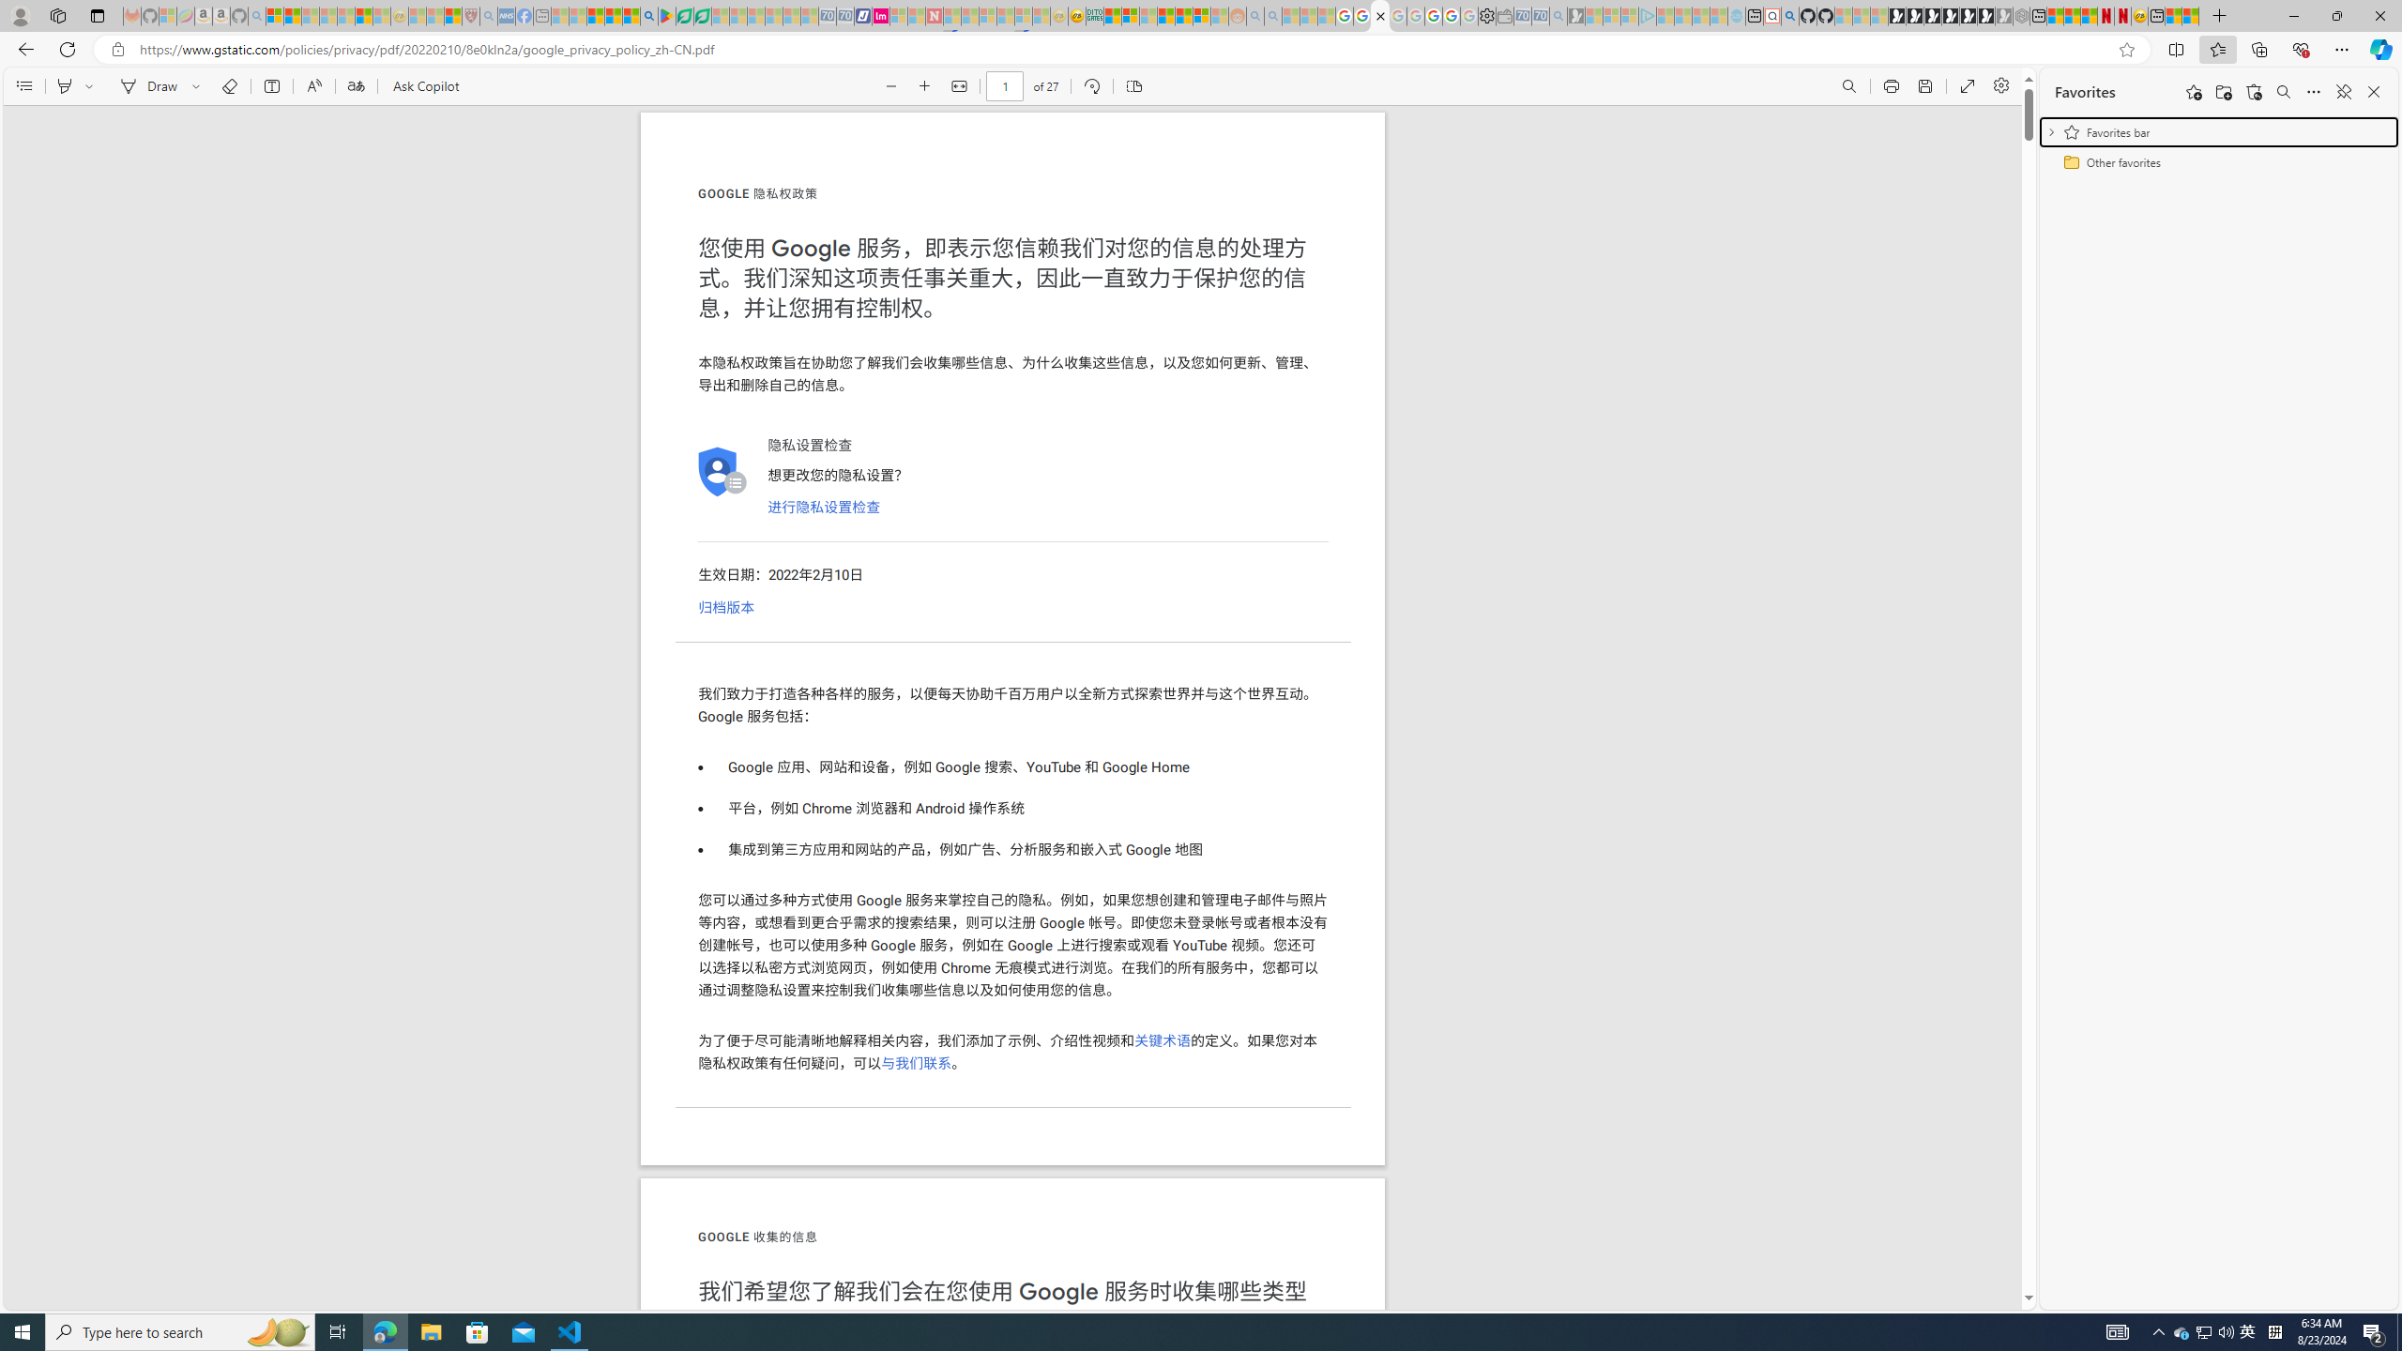 The width and height of the screenshot is (2402, 1351). Describe the element at coordinates (2342, 90) in the screenshot. I see `'Unpin favorites'` at that location.